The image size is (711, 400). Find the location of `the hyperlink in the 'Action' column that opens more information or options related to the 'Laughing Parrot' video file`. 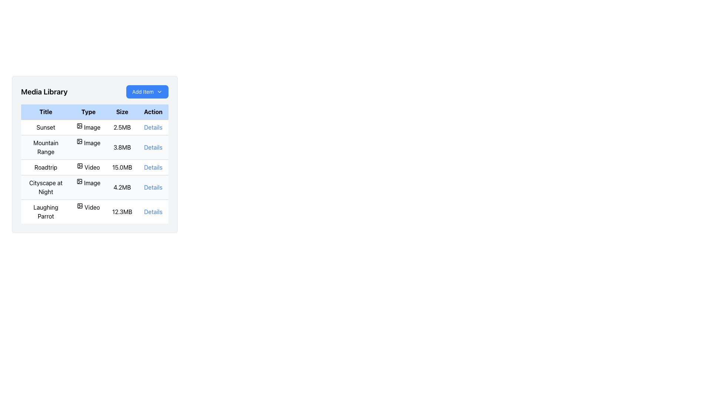

the hyperlink in the 'Action' column that opens more information or options related to the 'Laughing Parrot' video file is located at coordinates (153, 211).